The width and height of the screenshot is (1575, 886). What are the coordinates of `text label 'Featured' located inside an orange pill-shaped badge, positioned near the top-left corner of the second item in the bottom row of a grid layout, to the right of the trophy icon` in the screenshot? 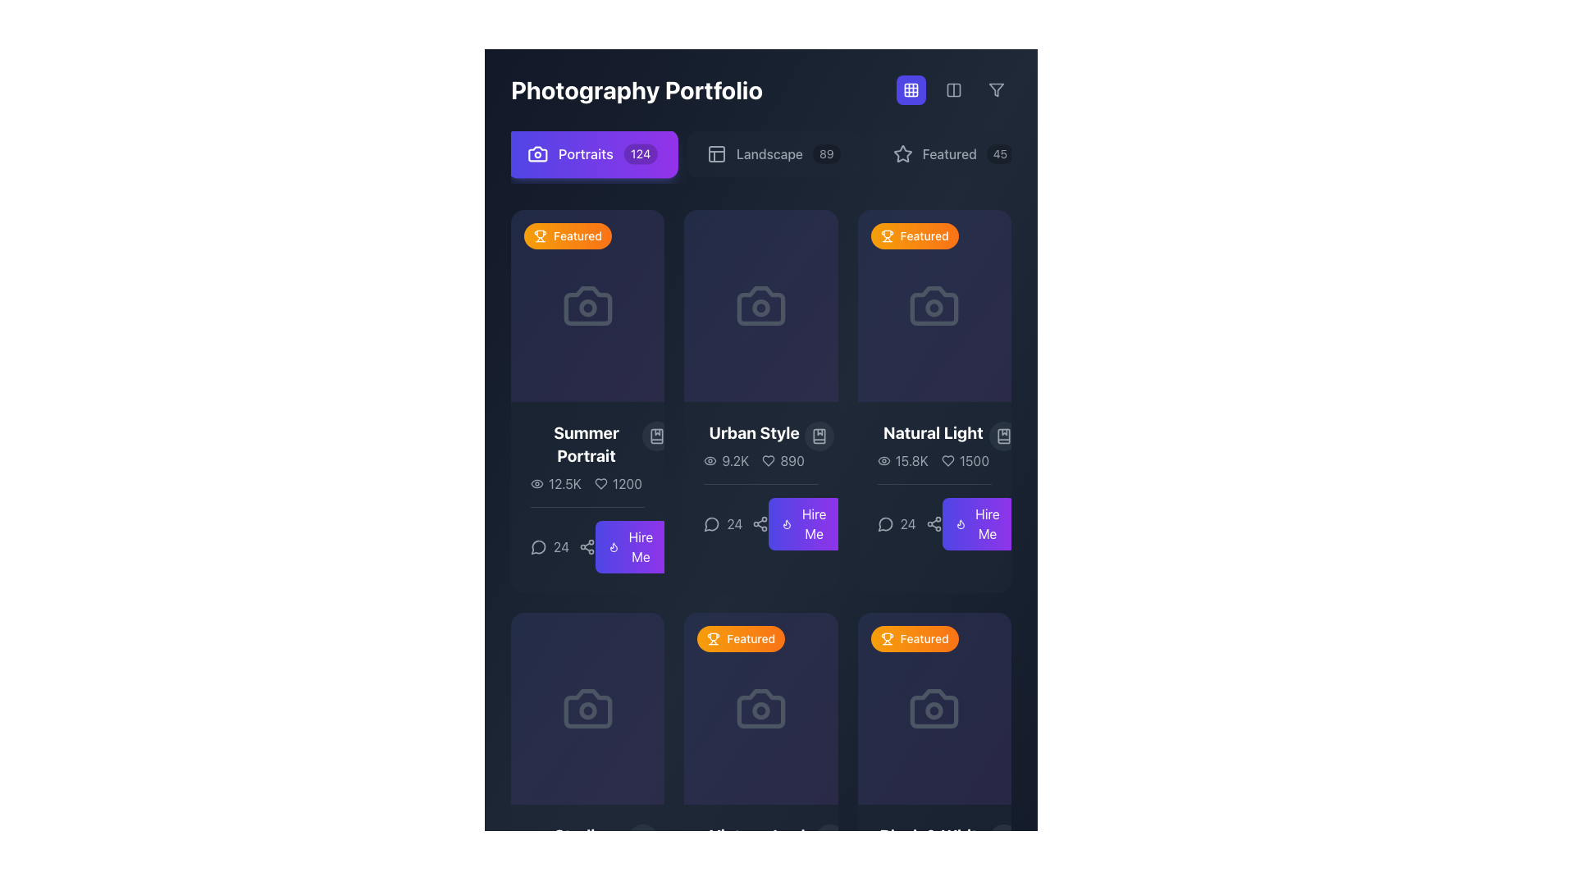 It's located at (750, 638).